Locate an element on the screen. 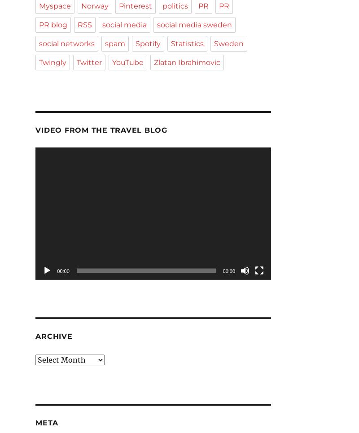  'social media' is located at coordinates (124, 25).